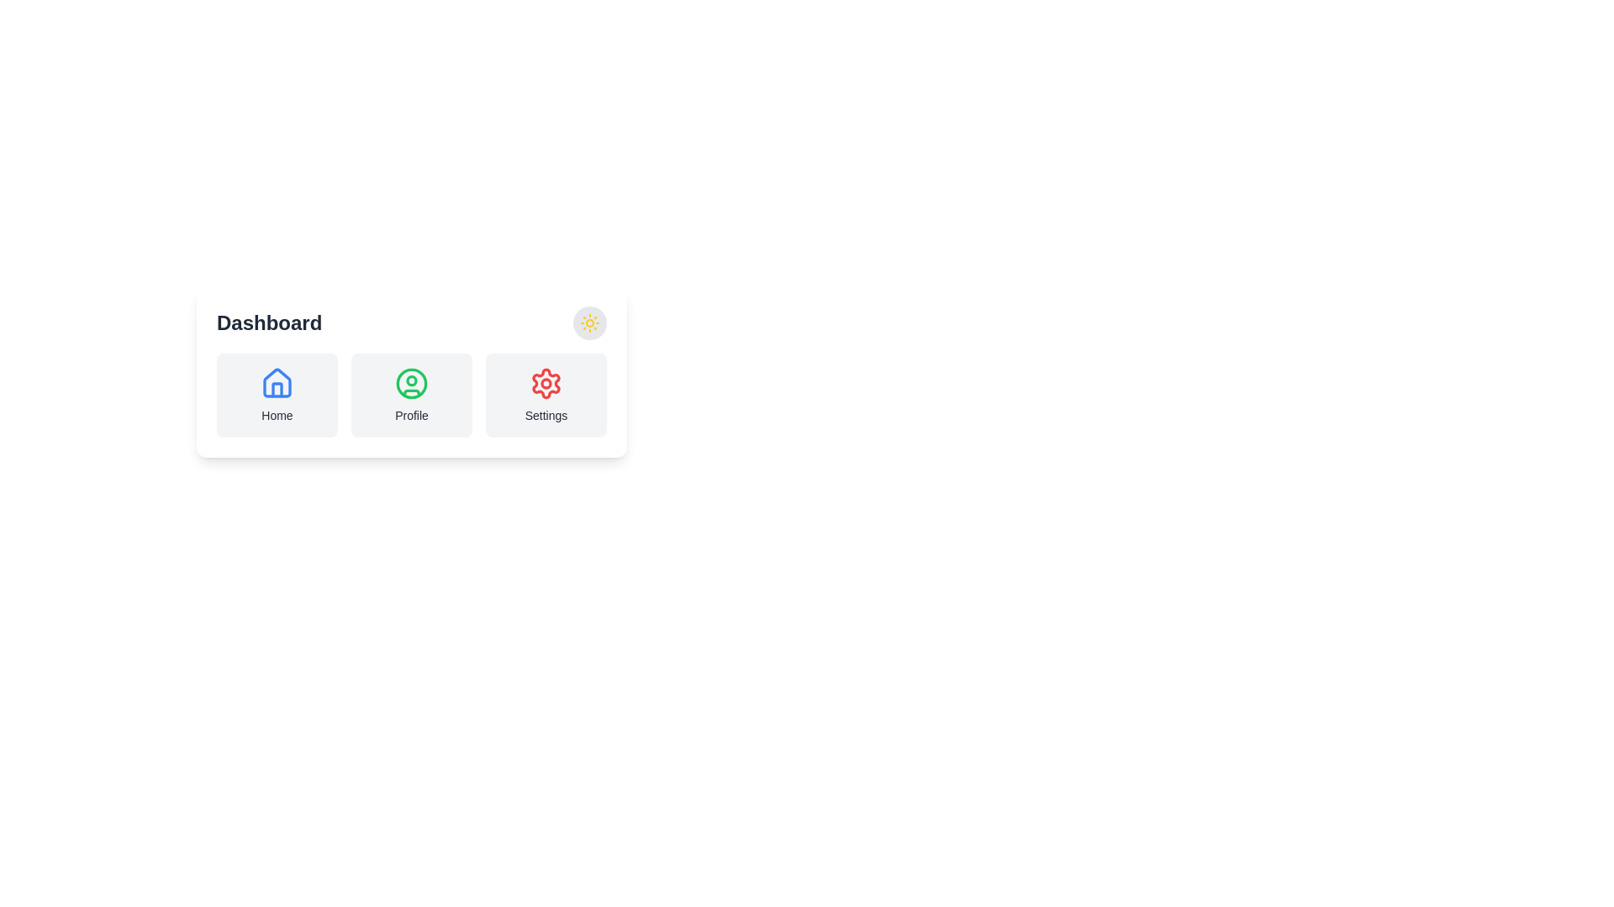 The width and height of the screenshot is (1614, 907). Describe the element at coordinates (277, 395) in the screenshot. I see `the Navigation Button displaying a blue outlined house icon with the text 'Home'` at that location.